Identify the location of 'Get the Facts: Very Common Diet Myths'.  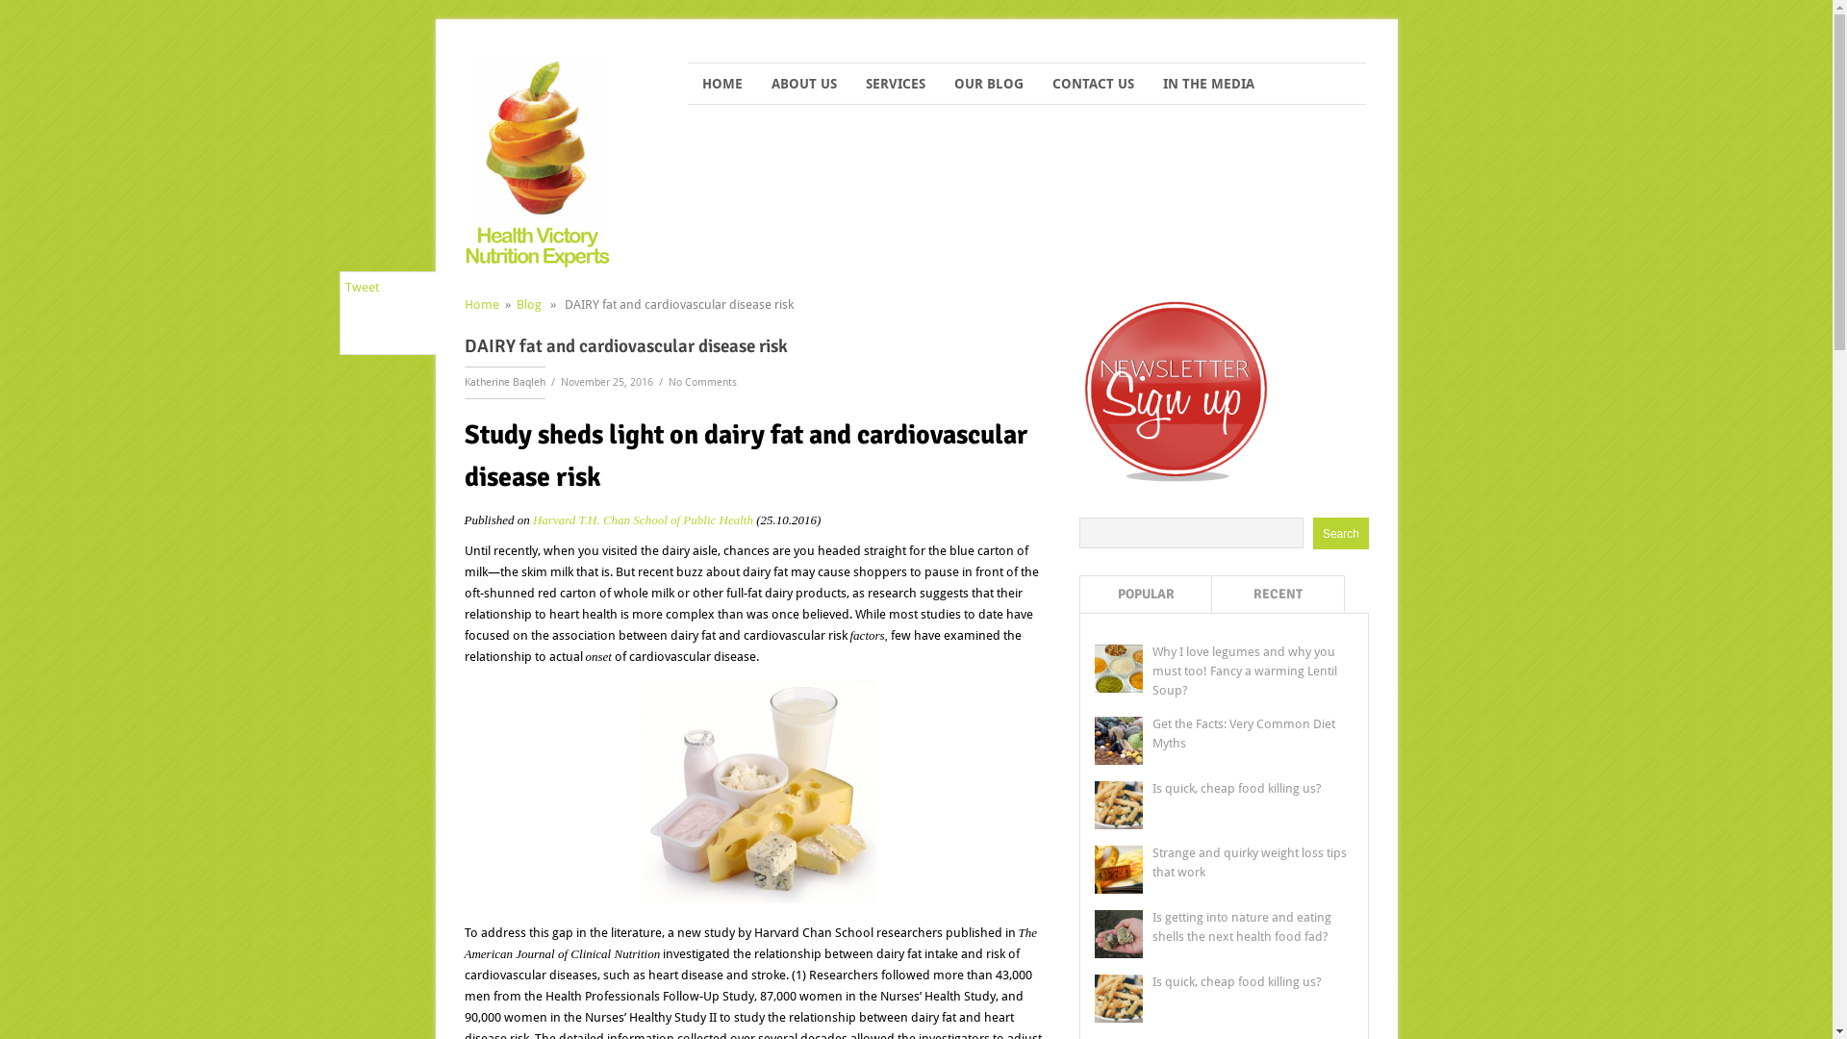
(1152, 733).